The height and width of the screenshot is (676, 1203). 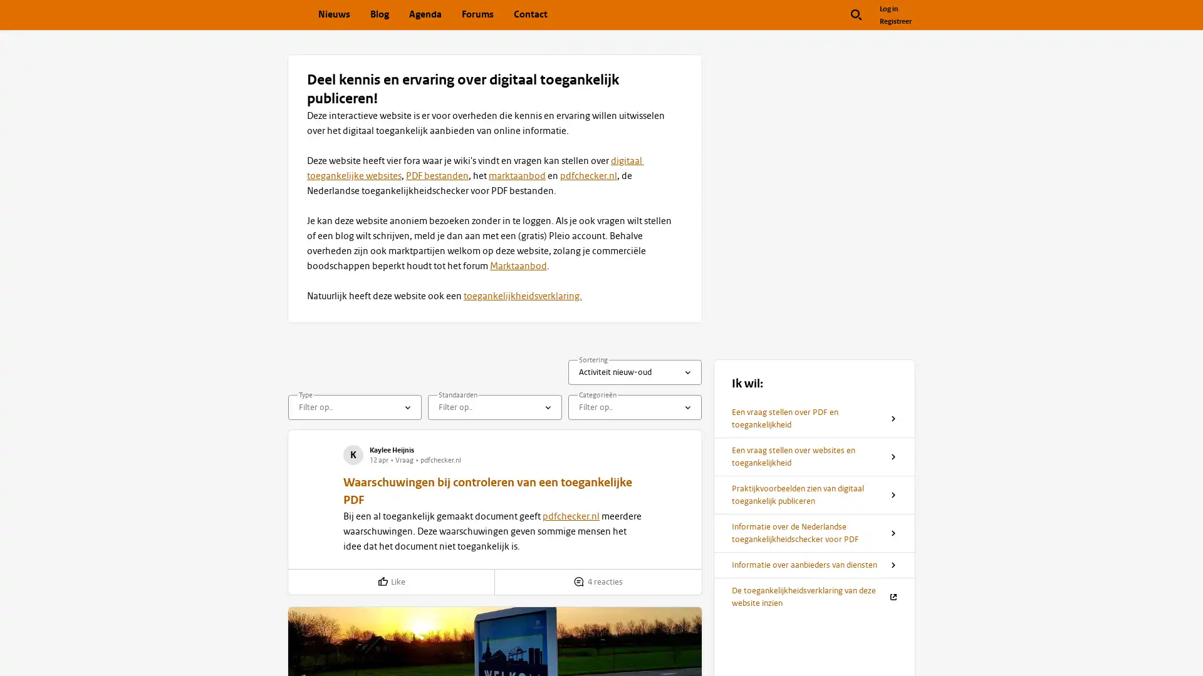 What do you see at coordinates (390, 546) in the screenshot?
I see `Like` at bounding box center [390, 546].